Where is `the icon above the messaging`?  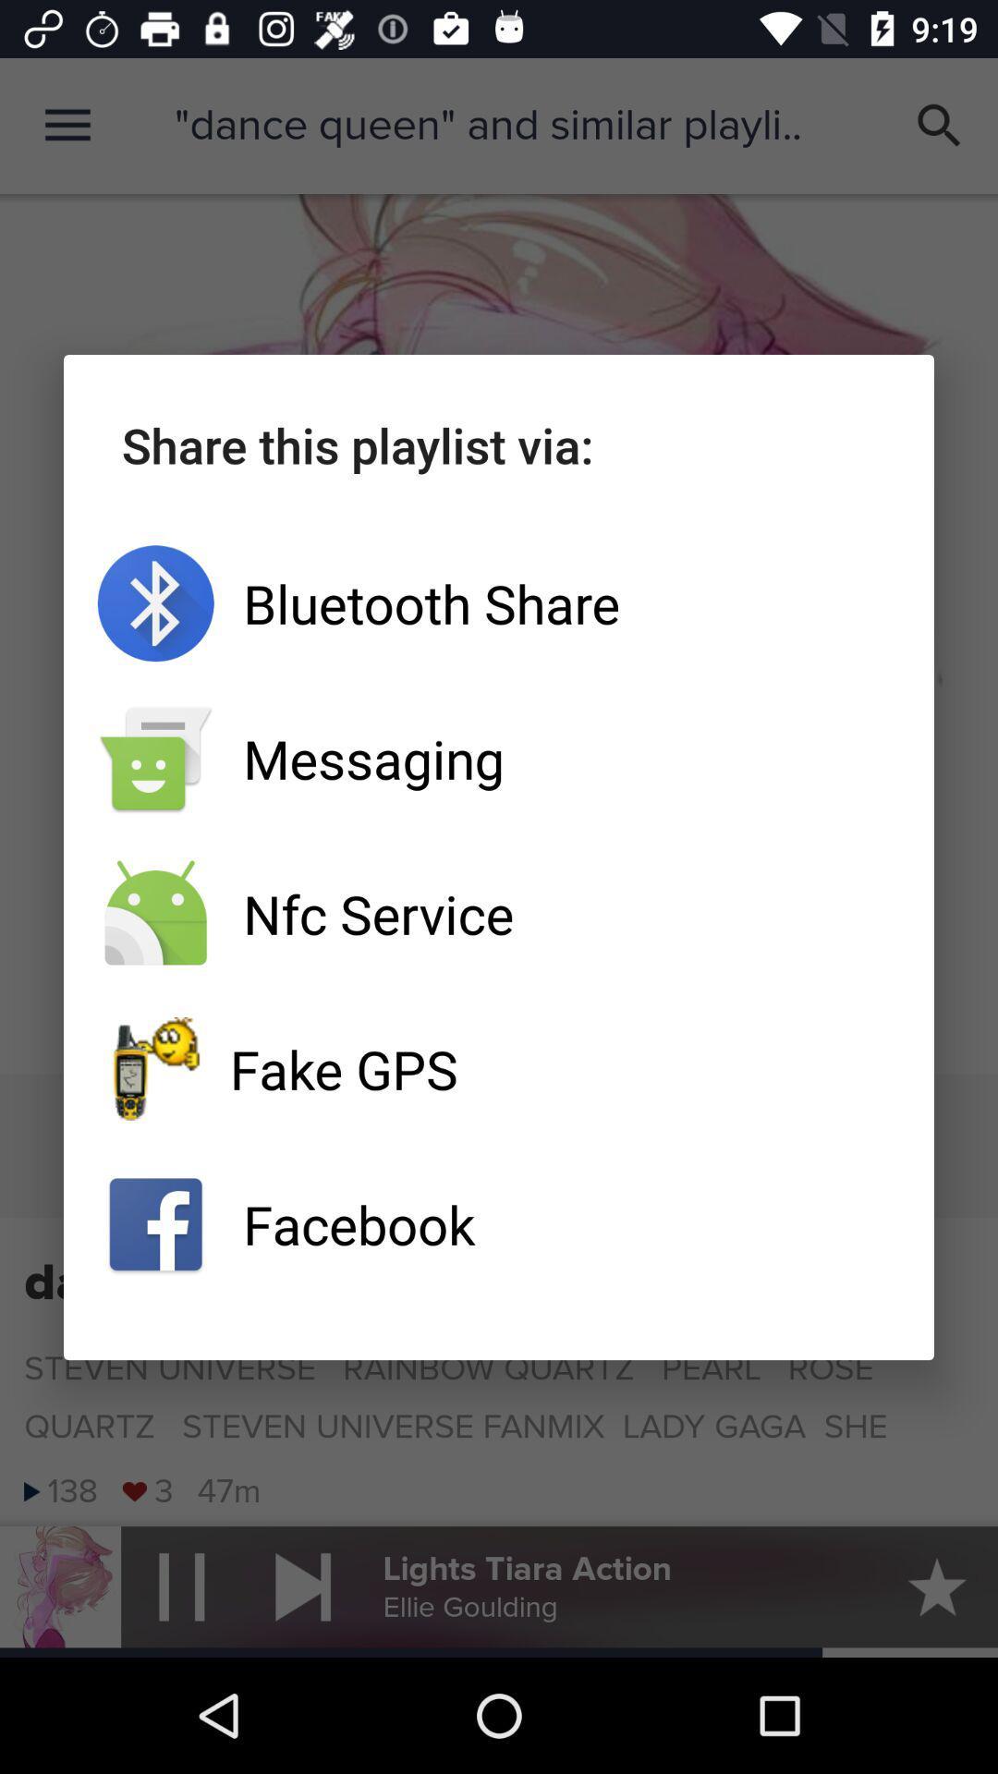 the icon above the messaging is located at coordinates (499, 603).